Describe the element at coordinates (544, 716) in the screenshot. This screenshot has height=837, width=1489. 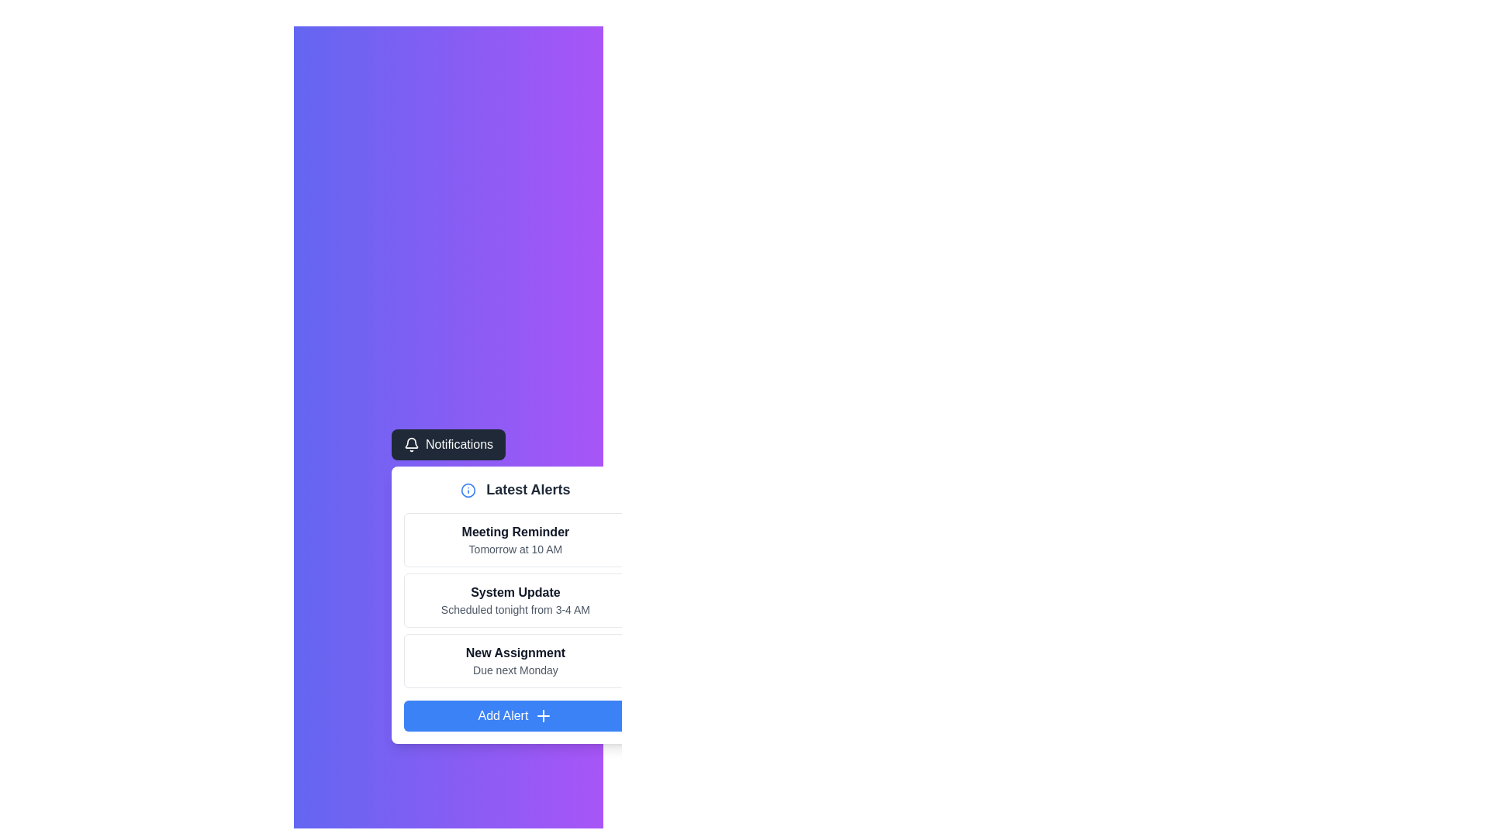
I see `the plus icon located on the right side of the 'Add Alert' button at the bottom of the alert information panel` at that location.